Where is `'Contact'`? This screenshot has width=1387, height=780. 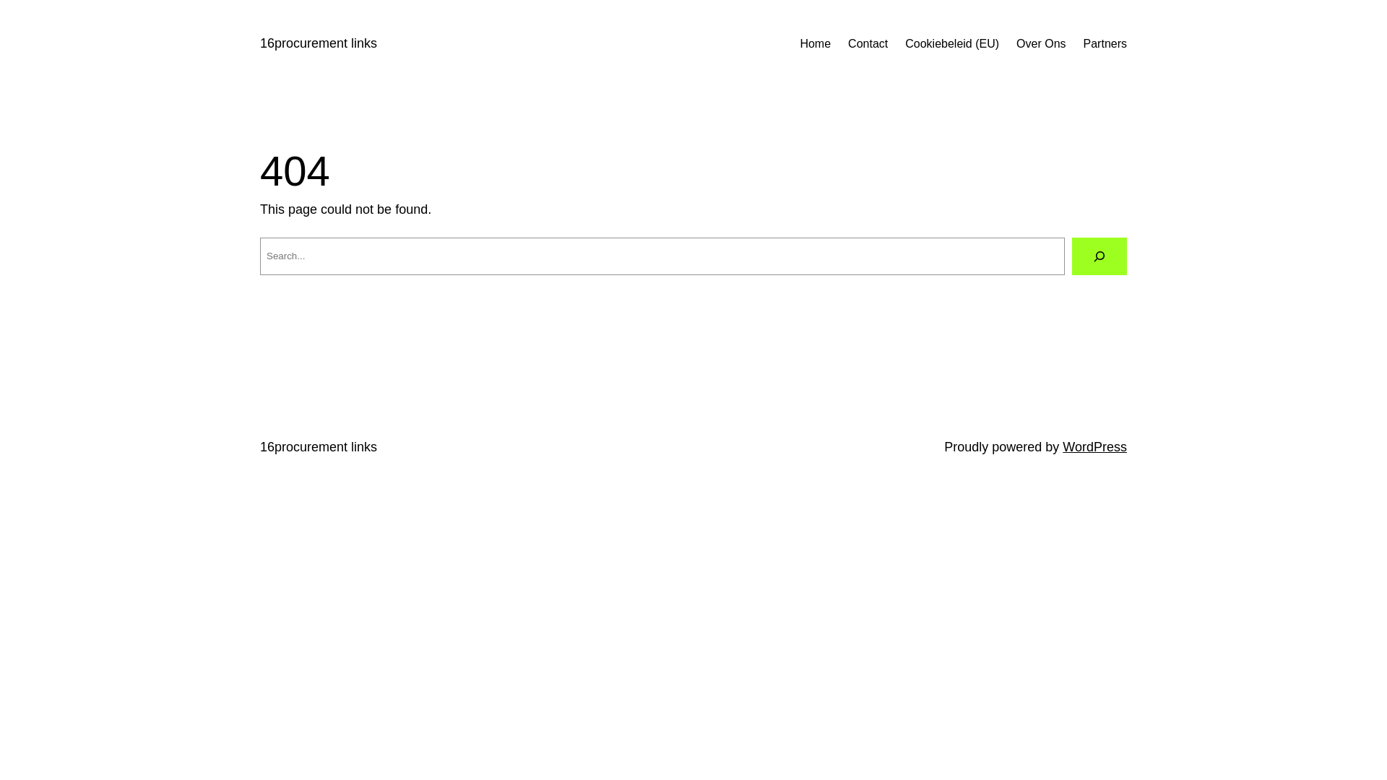
'Contact' is located at coordinates (867, 43).